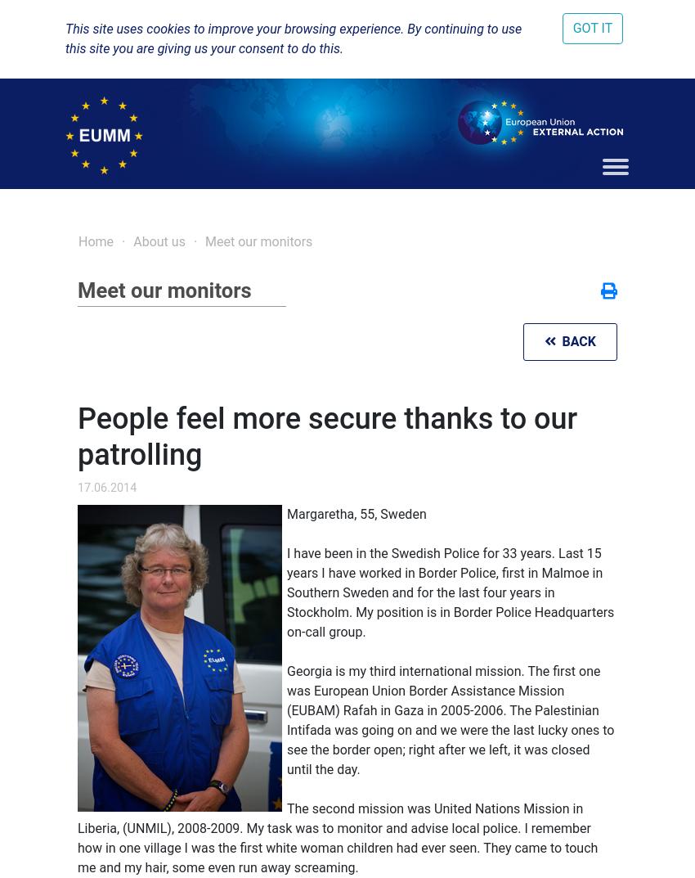 This screenshot has height=878, width=695. I want to click on 'Back', so click(574, 340).